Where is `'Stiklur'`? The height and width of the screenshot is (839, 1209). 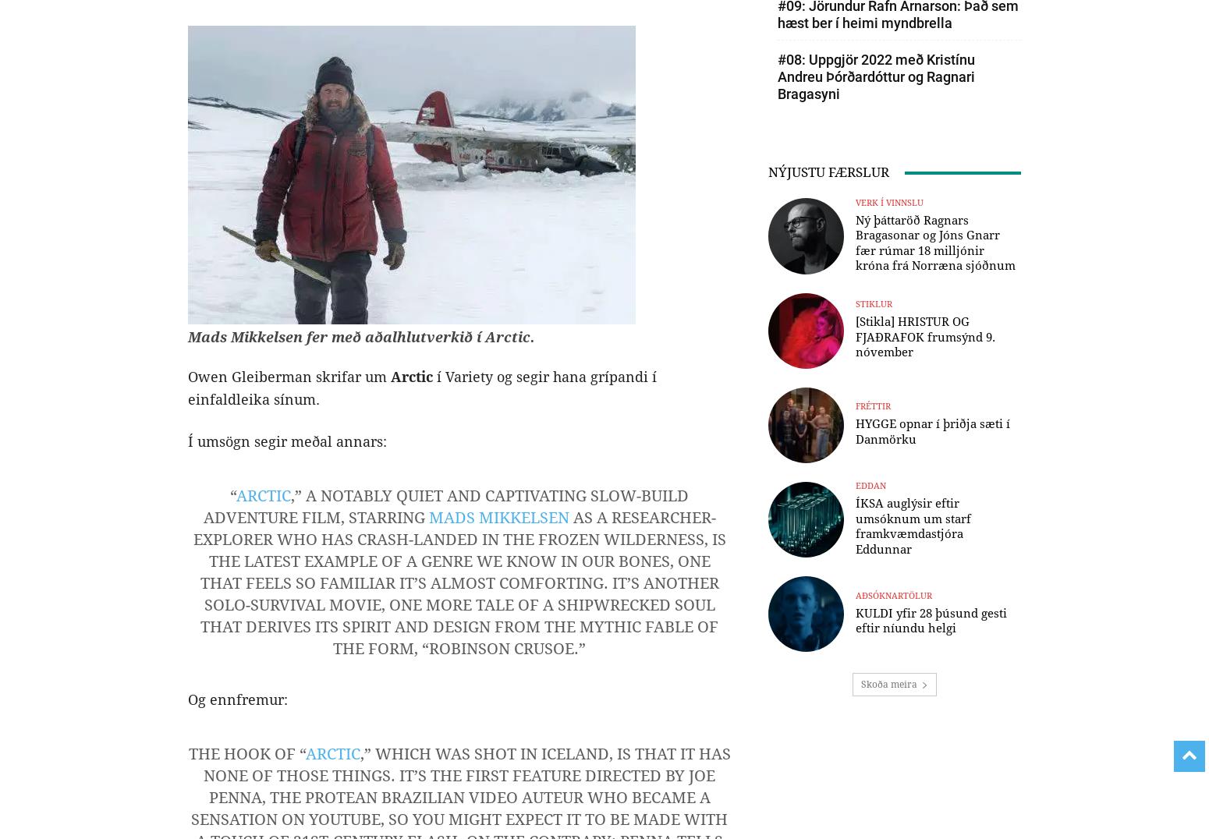
'Stiklur' is located at coordinates (873, 303).